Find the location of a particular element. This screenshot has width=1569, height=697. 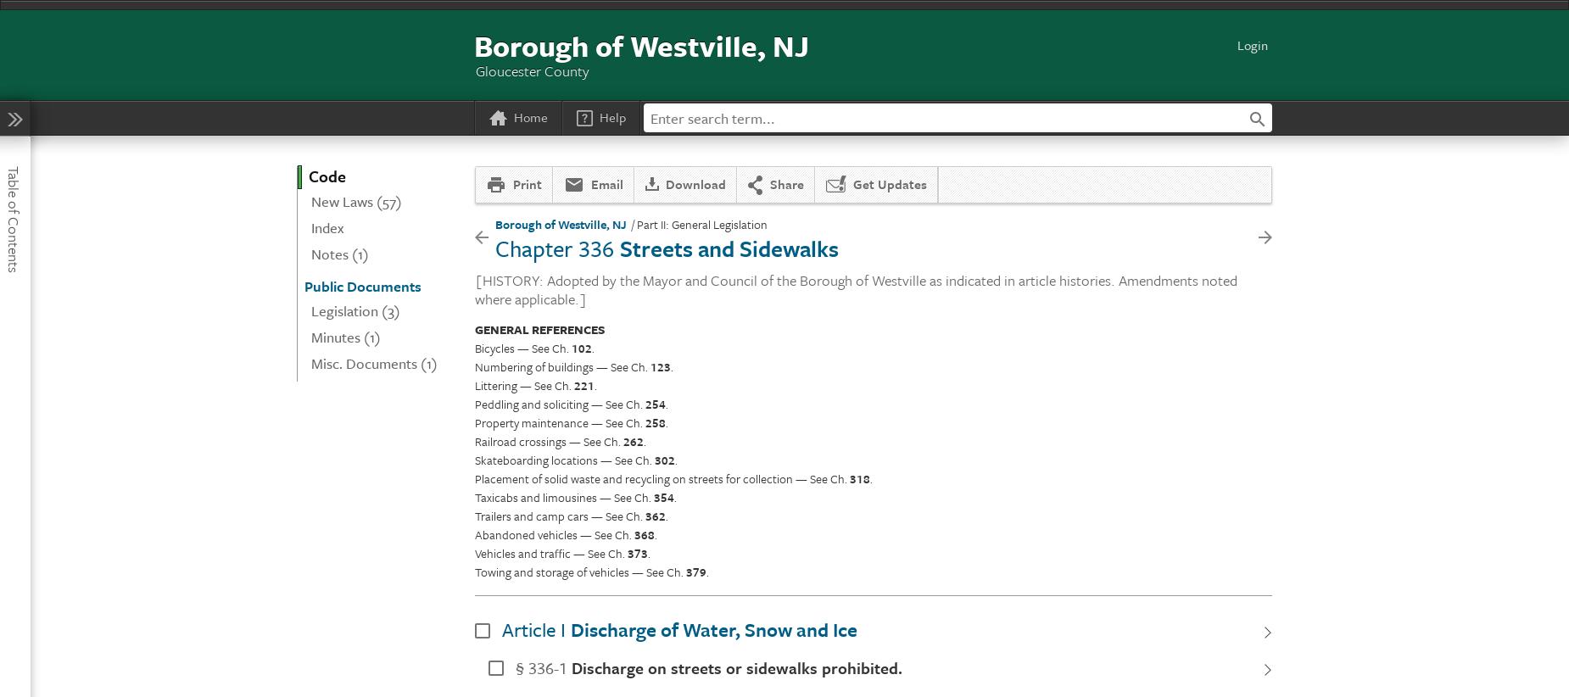

'Chapter 336' is located at coordinates (554, 247).